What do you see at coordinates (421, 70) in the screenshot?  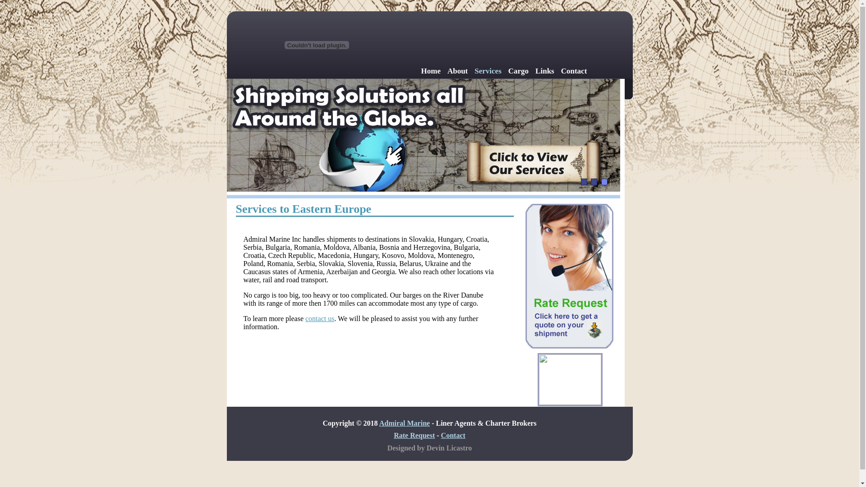 I see `'Home'` at bounding box center [421, 70].